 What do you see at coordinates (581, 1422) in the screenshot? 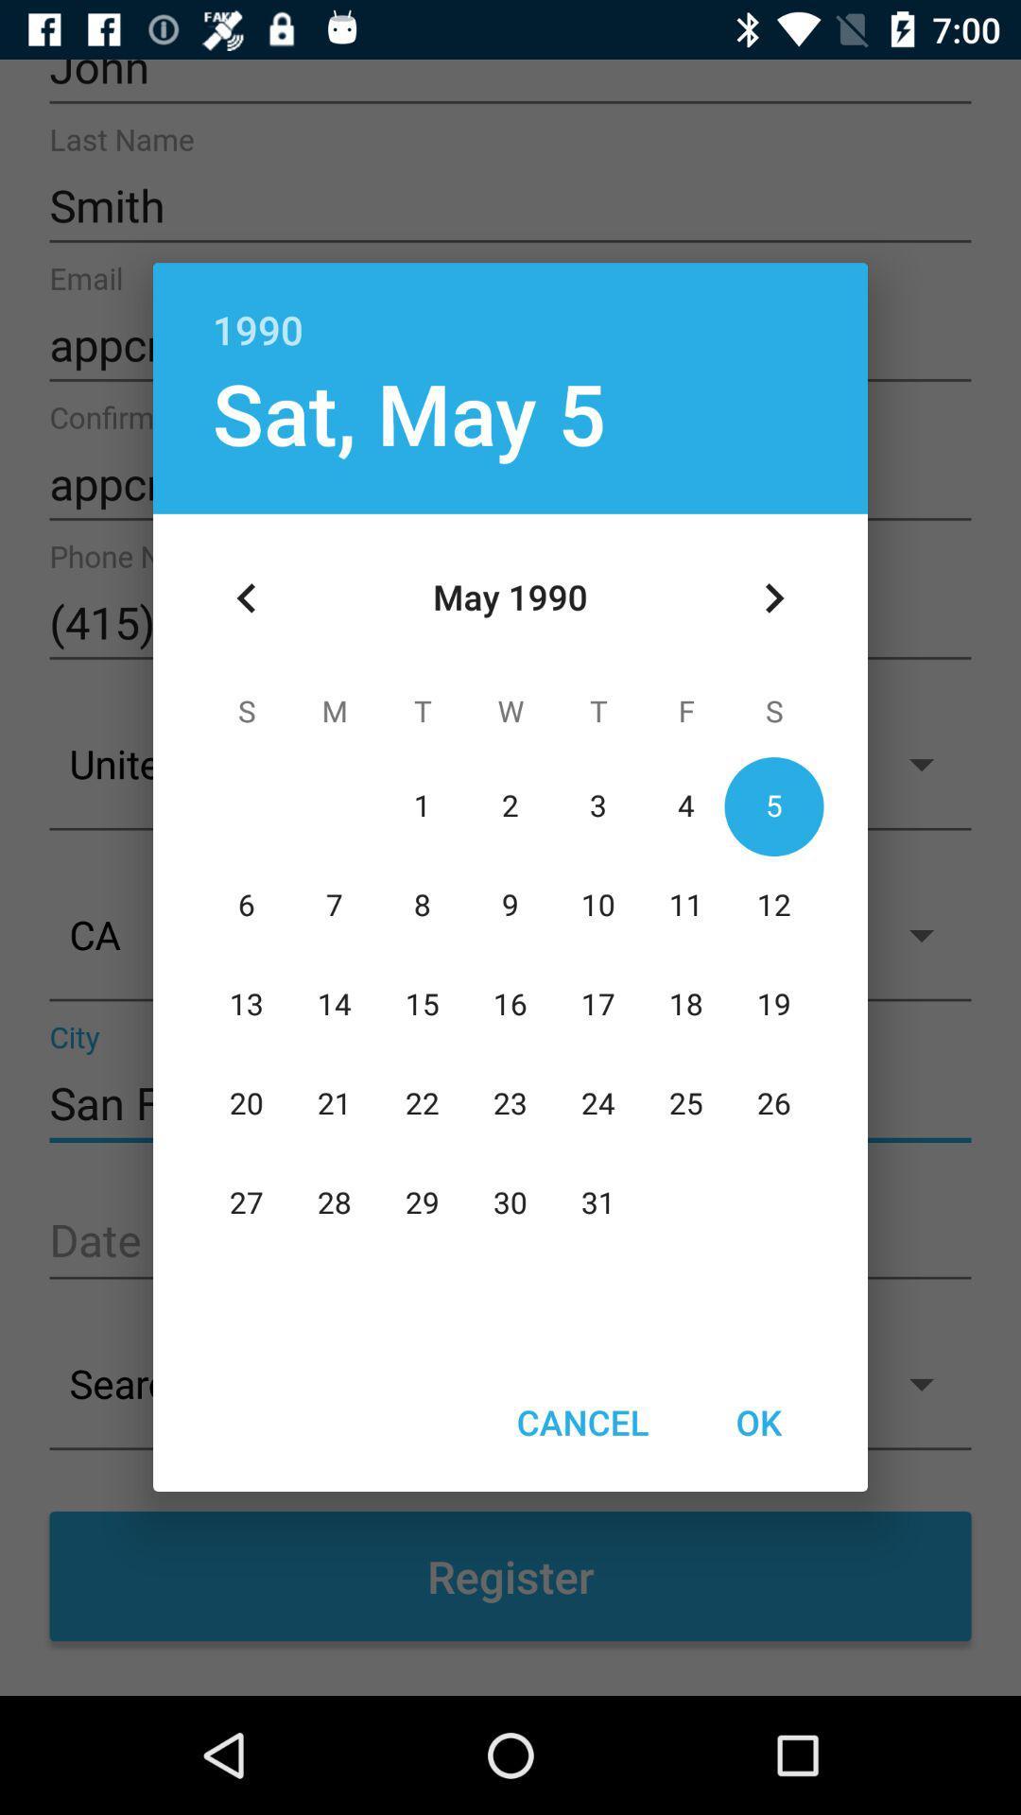
I see `the icon next to ok` at bounding box center [581, 1422].